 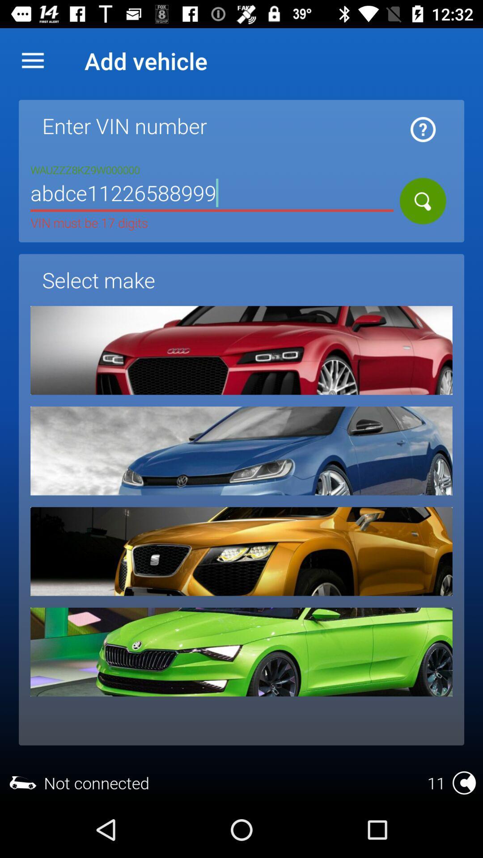 I want to click on this make, so click(x=241, y=350).